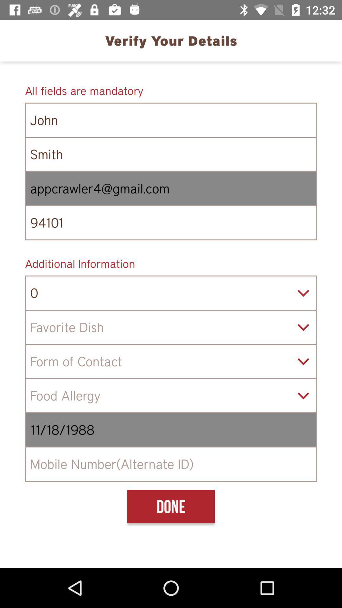 The image size is (342, 608). I want to click on drop down to choose a question, so click(171, 327).